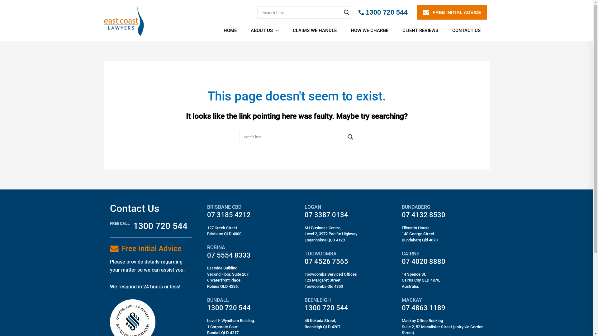 This screenshot has height=336, width=598. I want to click on 'CONTACT US', so click(468, 30).